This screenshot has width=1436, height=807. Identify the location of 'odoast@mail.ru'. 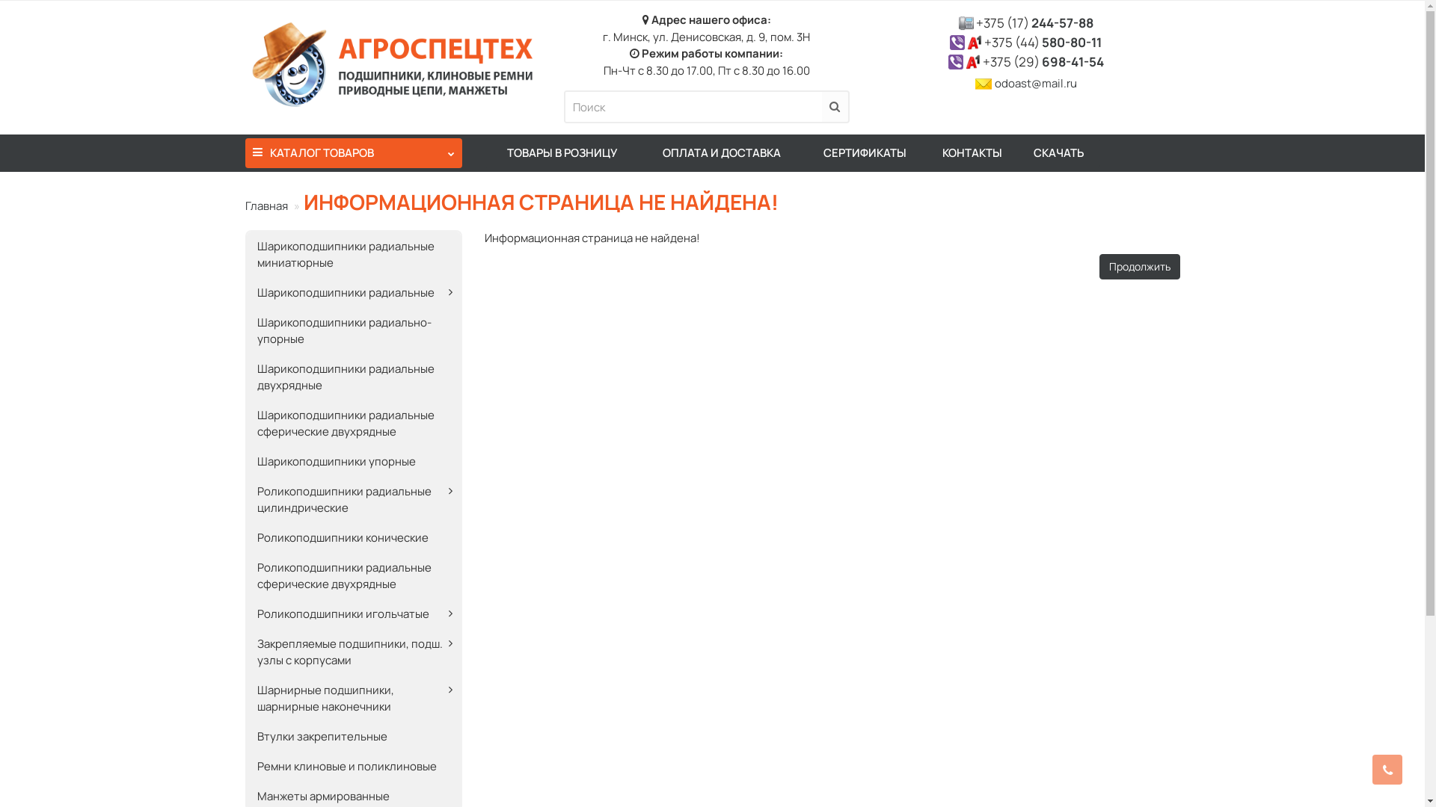
(1035, 83).